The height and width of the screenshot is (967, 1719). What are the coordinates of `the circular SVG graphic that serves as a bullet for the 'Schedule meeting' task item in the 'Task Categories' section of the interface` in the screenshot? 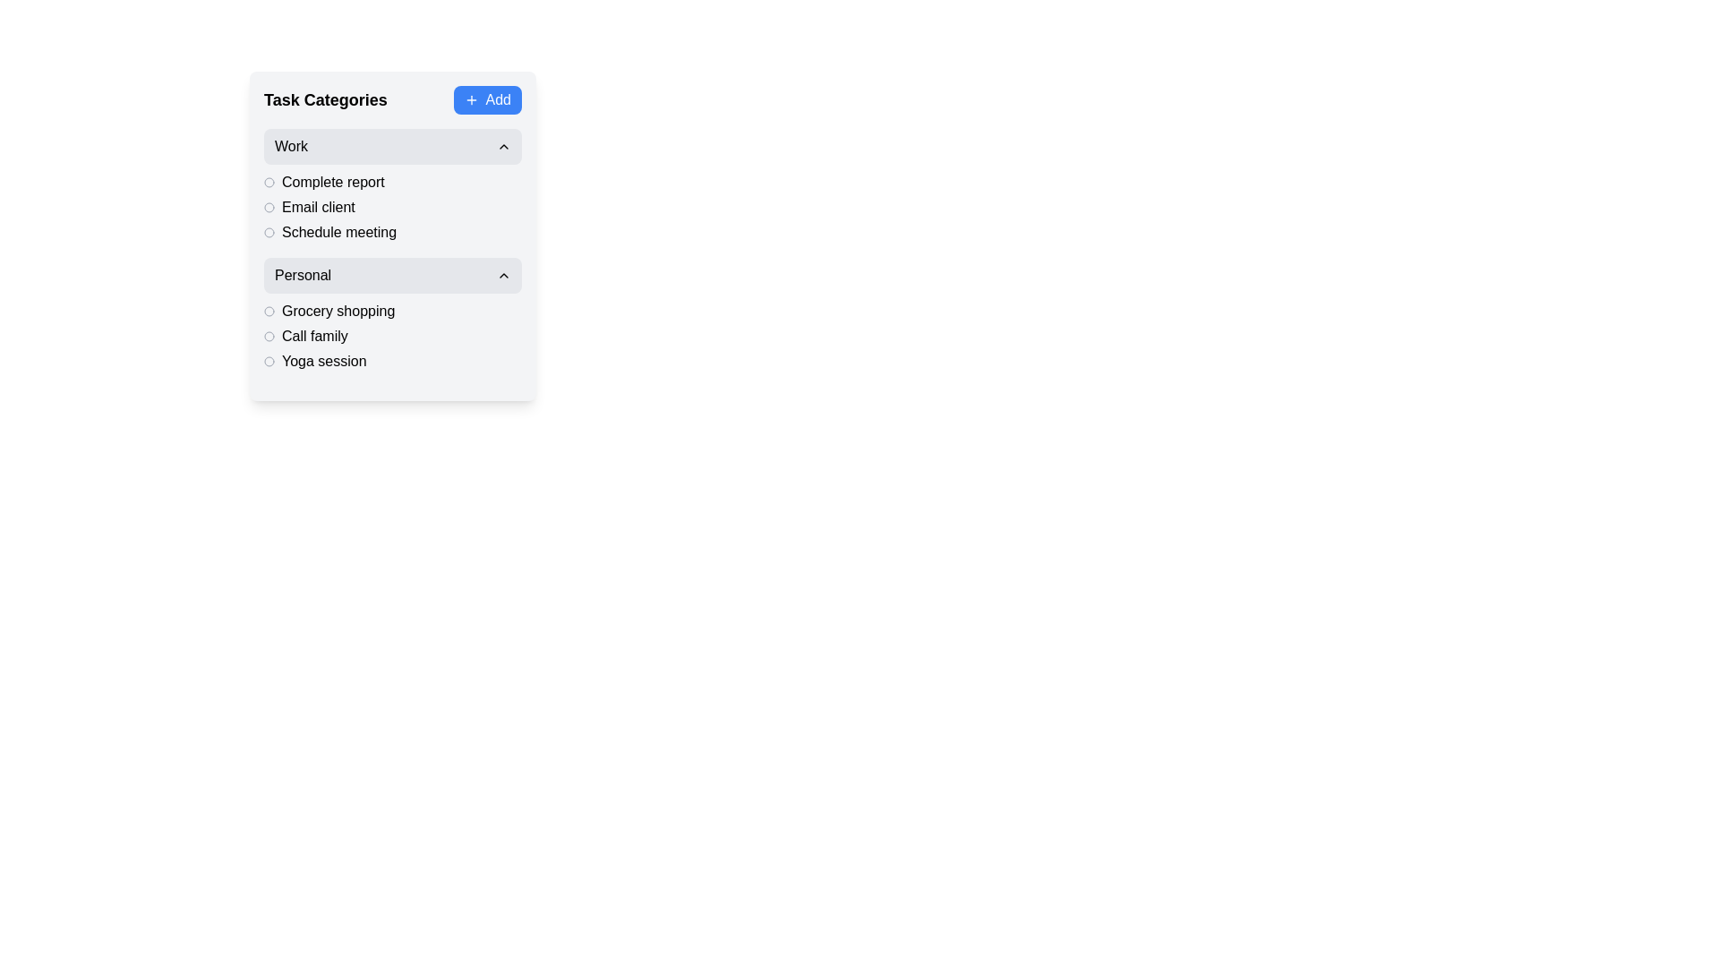 It's located at (269, 231).